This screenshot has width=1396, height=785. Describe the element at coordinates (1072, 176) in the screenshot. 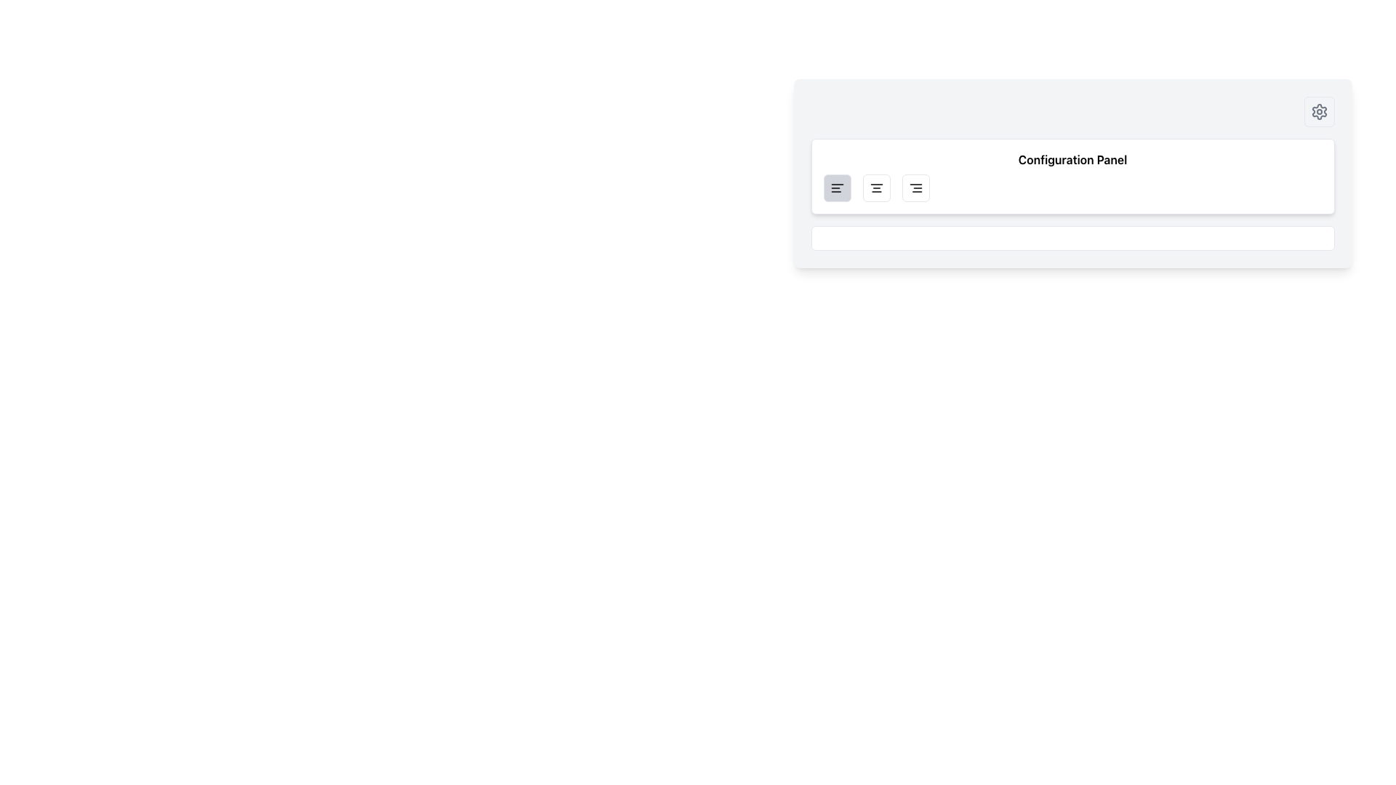

I see `the content of the 'Configuration Panel' which has a bold title and a white background` at that location.